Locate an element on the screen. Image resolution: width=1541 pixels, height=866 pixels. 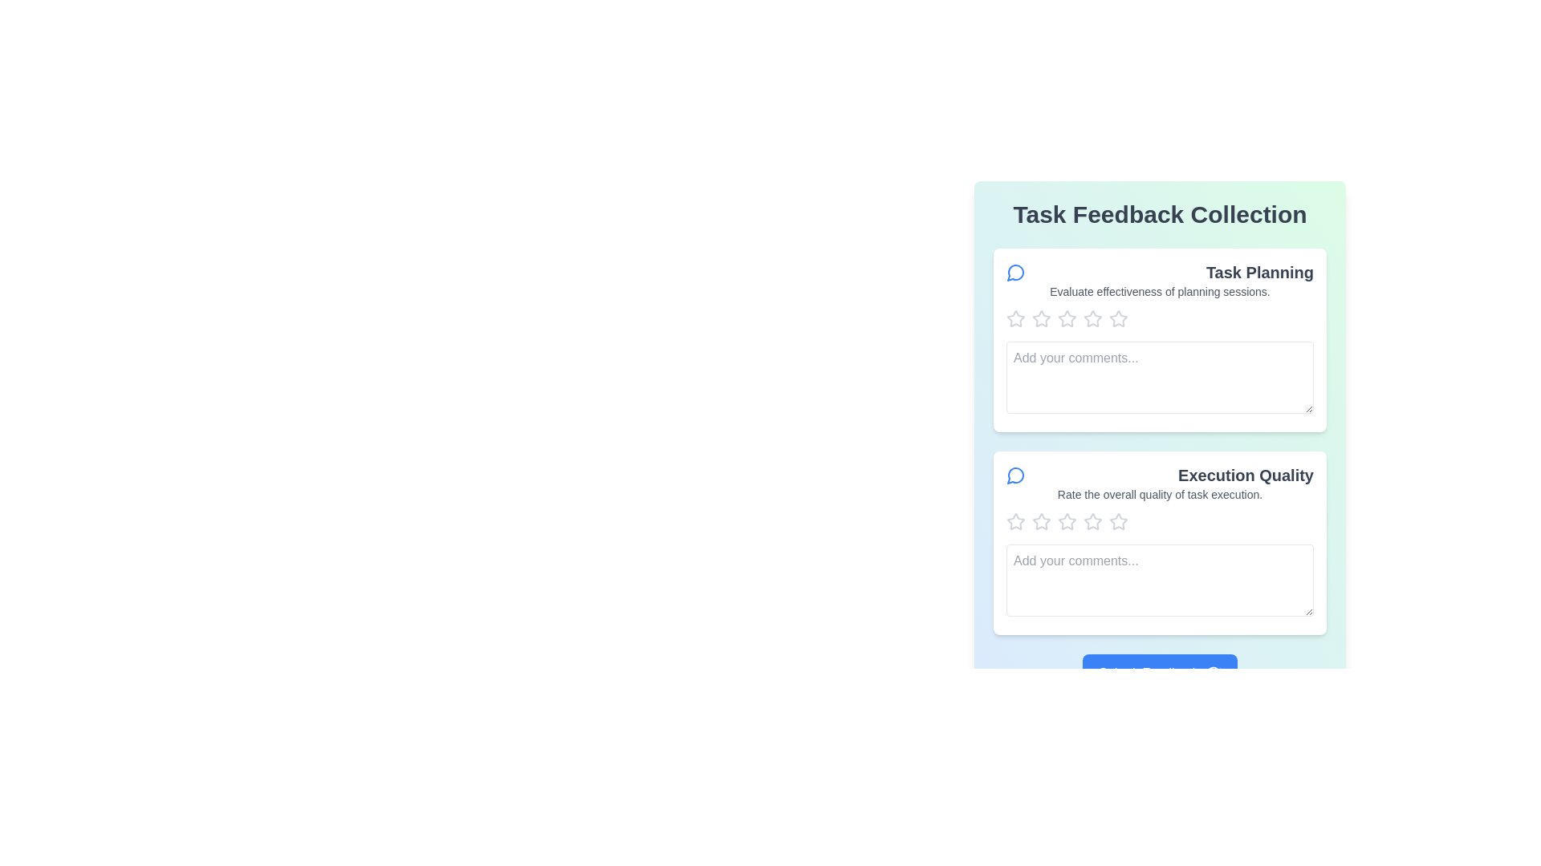
the first Rating Star Icon, which is a hollow star in light gray color is located at coordinates (1014, 318).